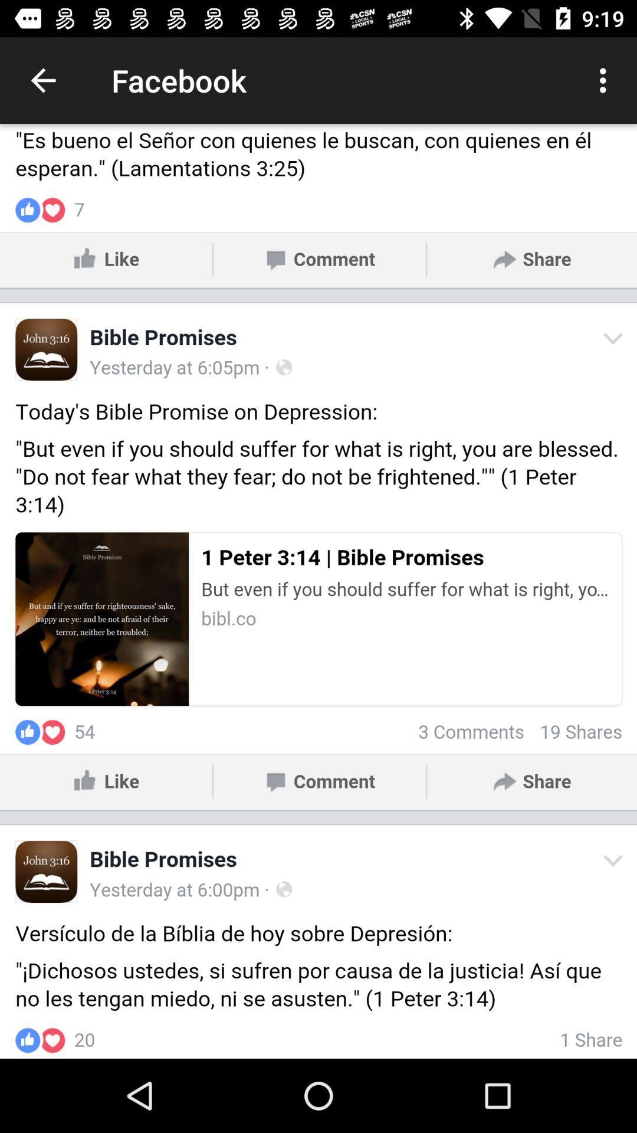 The image size is (637, 1133). I want to click on facebook view, so click(318, 591).